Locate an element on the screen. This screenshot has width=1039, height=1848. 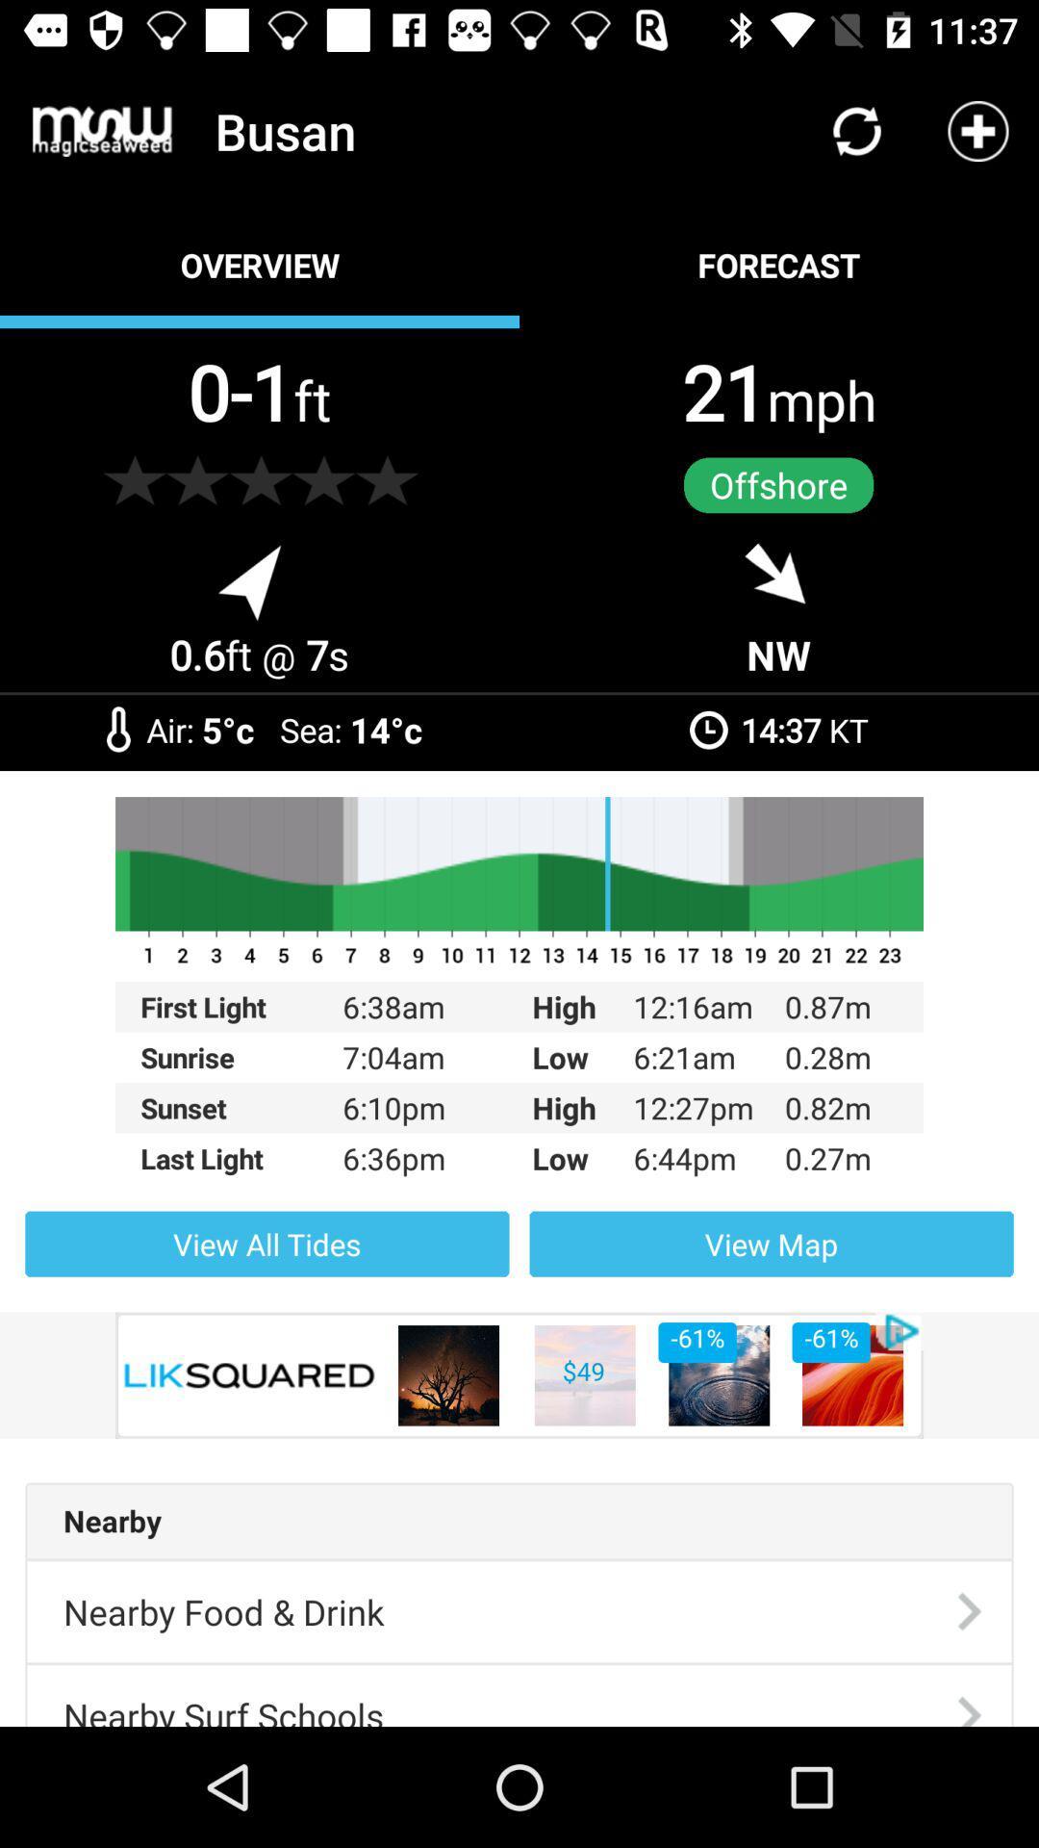
the time icon is located at coordinates (708, 729).